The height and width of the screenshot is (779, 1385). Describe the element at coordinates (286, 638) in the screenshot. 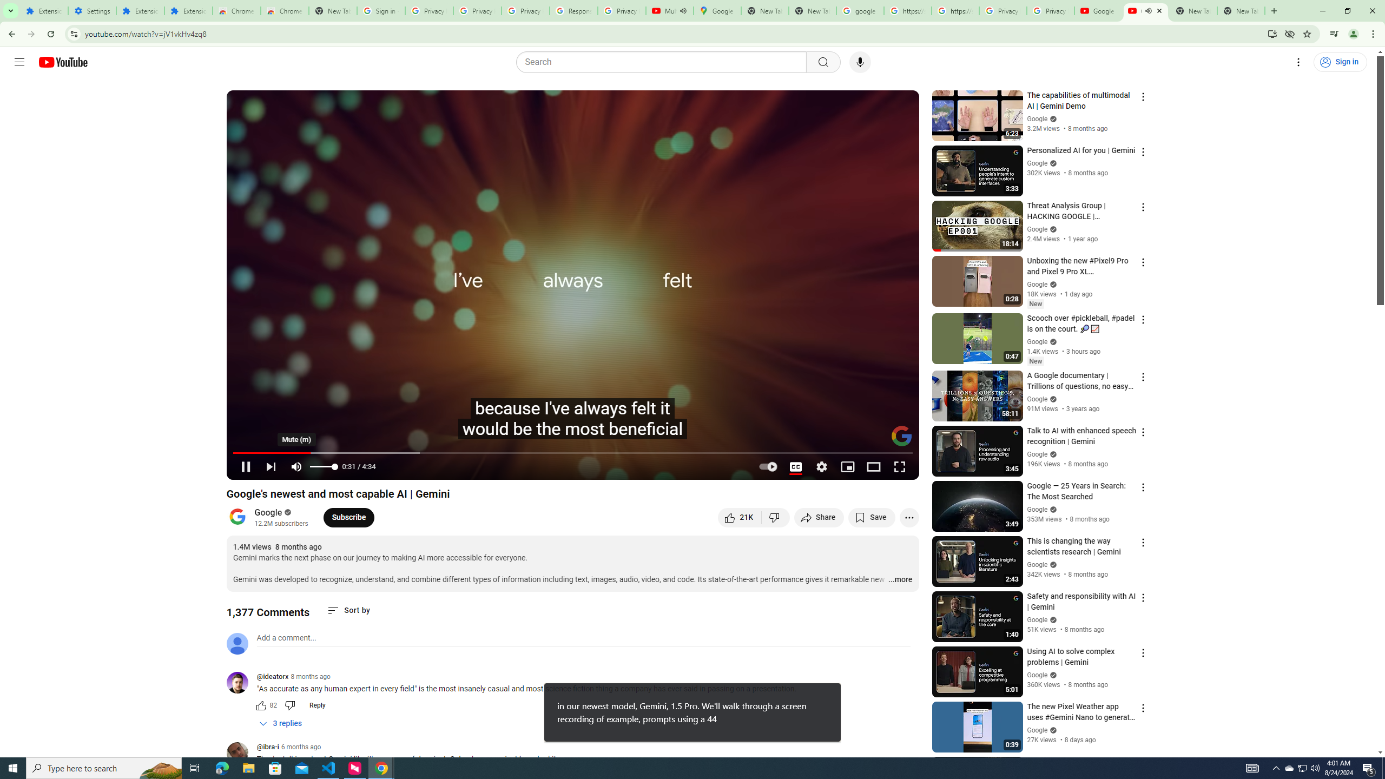

I see `'AutomationID: simplebox-placeholder'` at that location.